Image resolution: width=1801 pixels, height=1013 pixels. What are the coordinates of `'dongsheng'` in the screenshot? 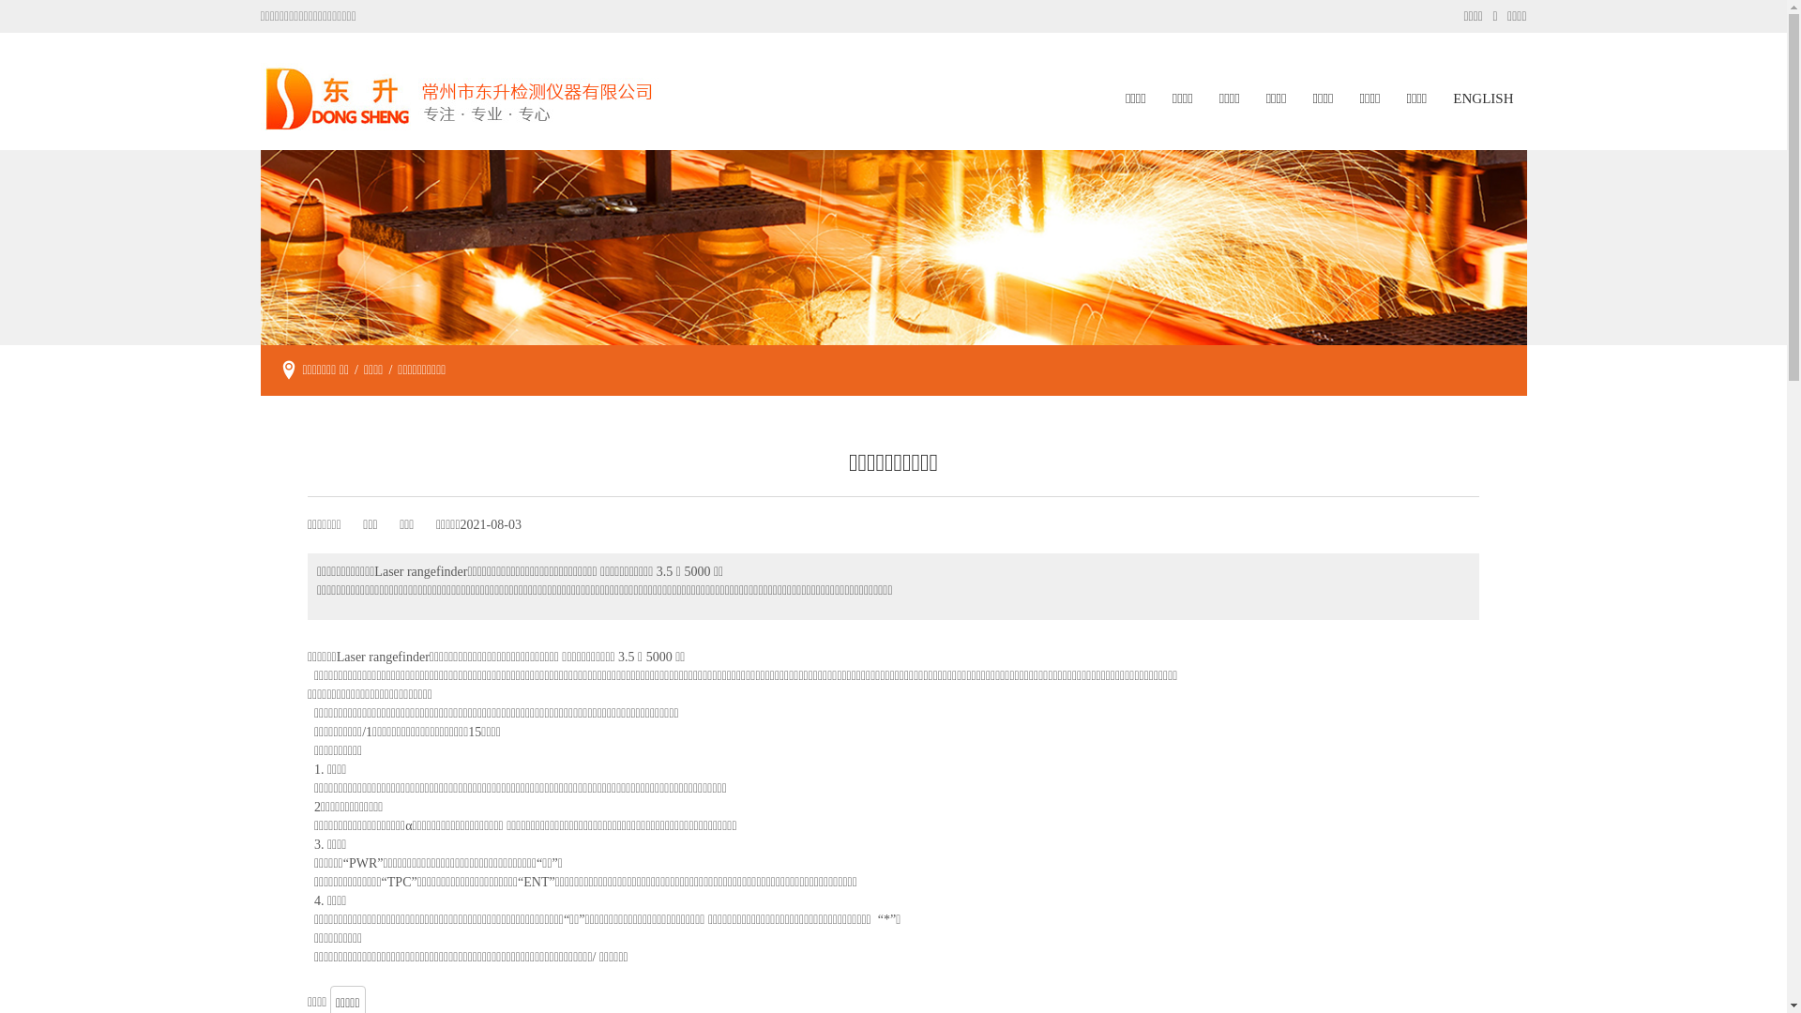 It's located at (260, 246).